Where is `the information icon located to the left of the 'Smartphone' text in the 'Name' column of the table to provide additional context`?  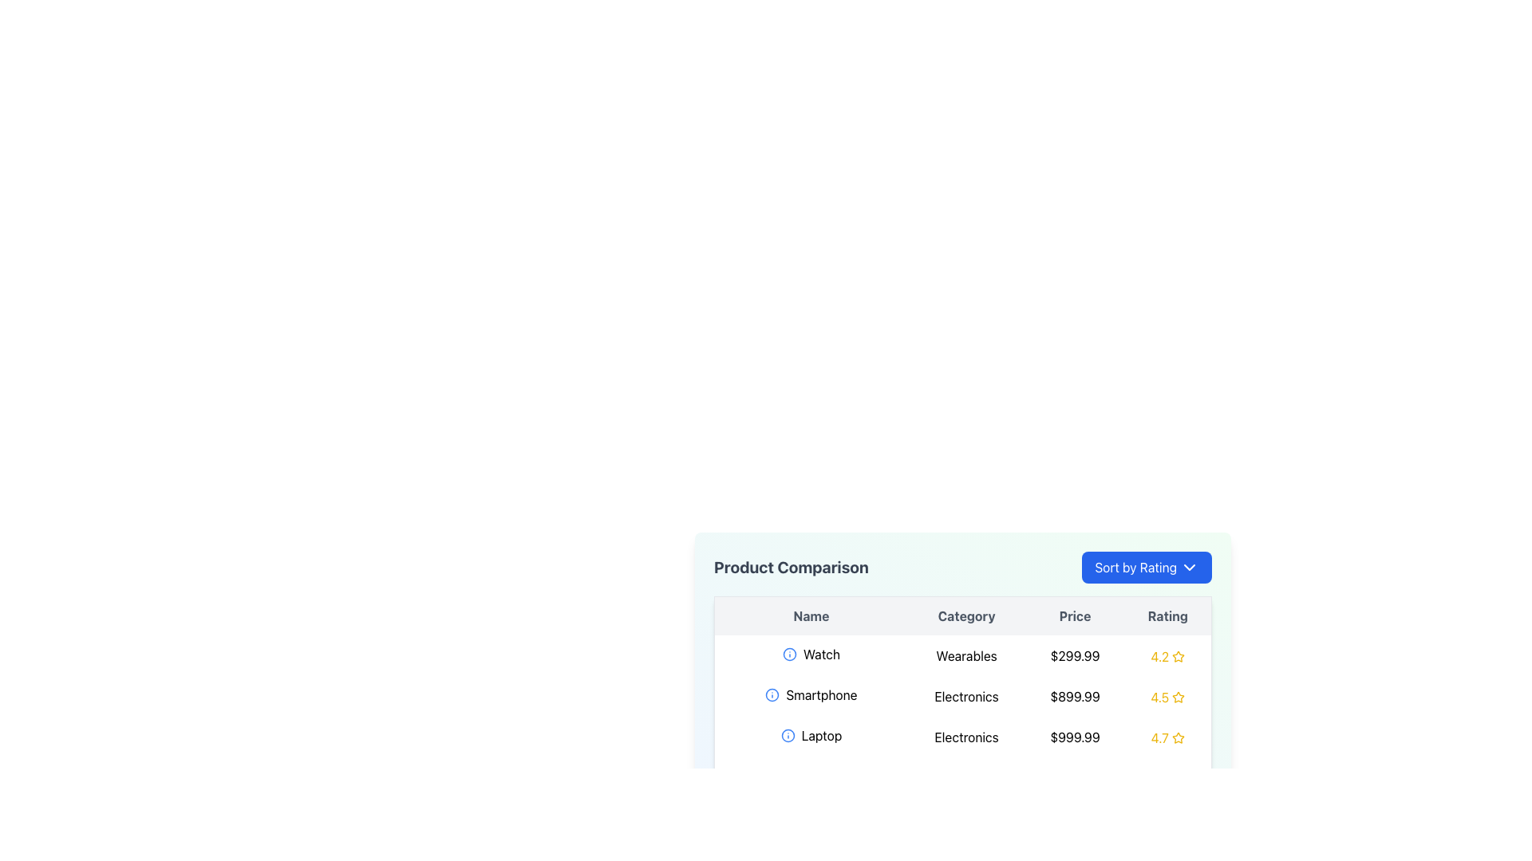 the information icon located to the left of the 'Smartphone' text in the 'Name' column of the table to provide additional context is located at coordinates (772, 694).